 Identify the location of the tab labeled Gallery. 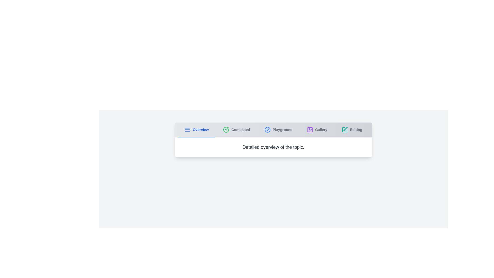
(317, 130).